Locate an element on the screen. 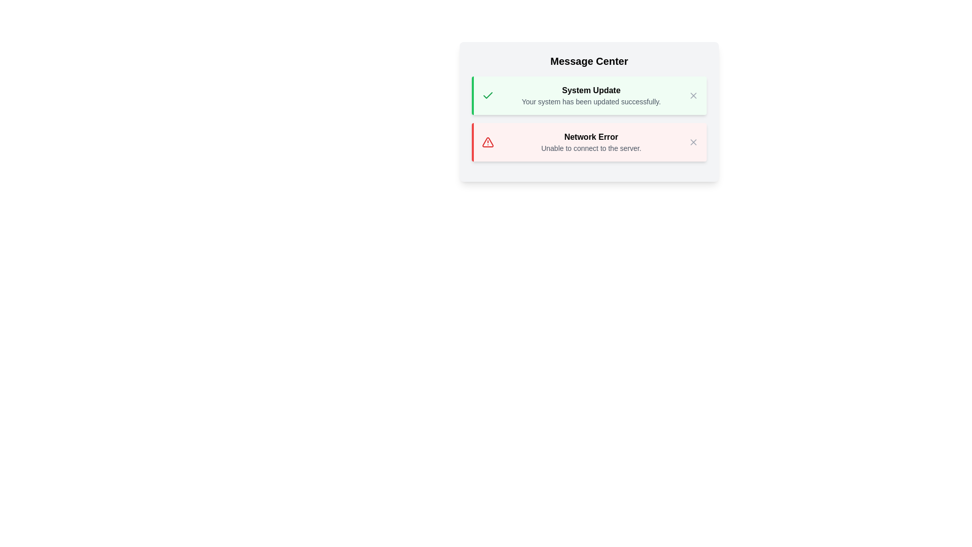 This screenshot has width=972, height=547. the close icon located near the right side of the notification box containing the text 'System Update' is located at coordinates (693, 96).